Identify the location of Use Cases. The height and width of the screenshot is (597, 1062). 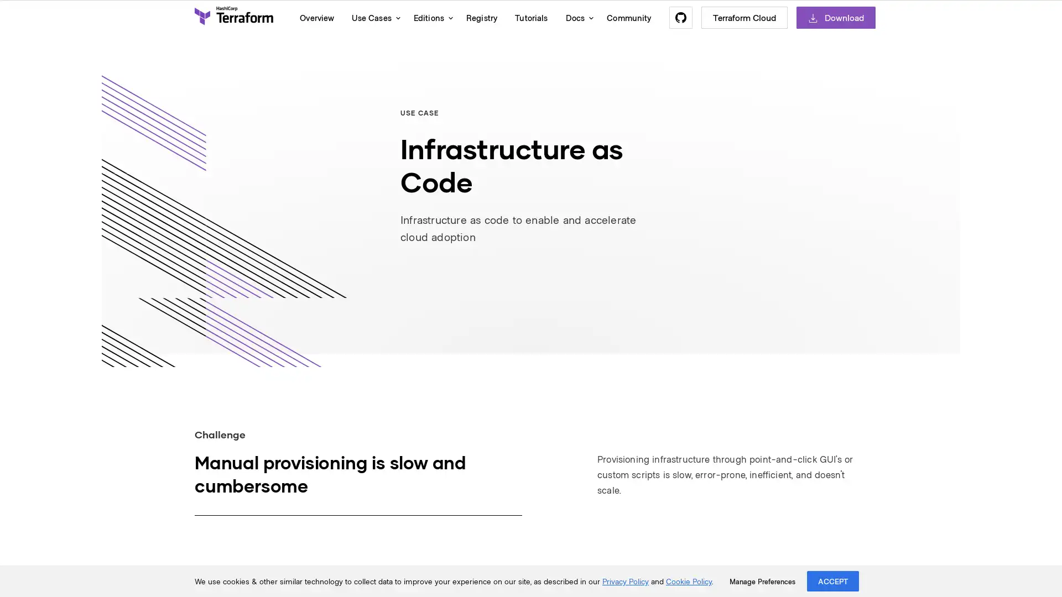
(373, 17).